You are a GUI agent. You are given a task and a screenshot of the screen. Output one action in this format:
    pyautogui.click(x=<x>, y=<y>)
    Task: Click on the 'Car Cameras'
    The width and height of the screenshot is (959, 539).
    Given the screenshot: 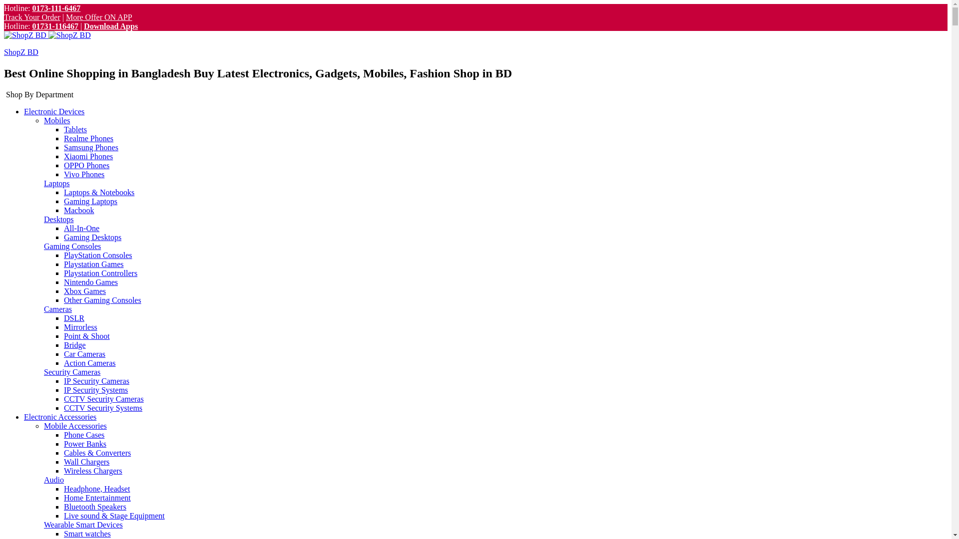 What is the action you would take?
    pyautogui.click(x=84, y=353)
    